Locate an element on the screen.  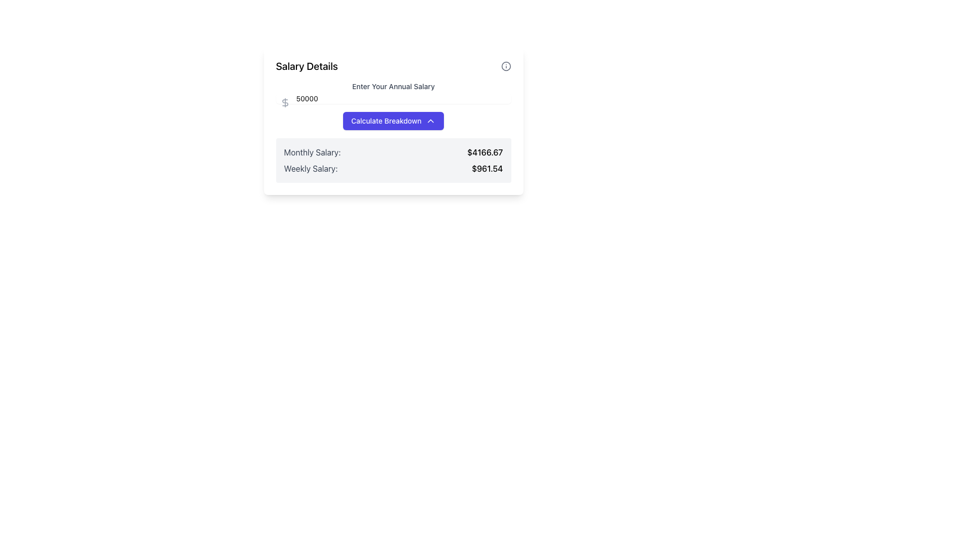
the Static Text displaying the value "$4166.67" located next to the label "Monthly Salary:" in the salary calculation section is located at coordinates (484, 152).